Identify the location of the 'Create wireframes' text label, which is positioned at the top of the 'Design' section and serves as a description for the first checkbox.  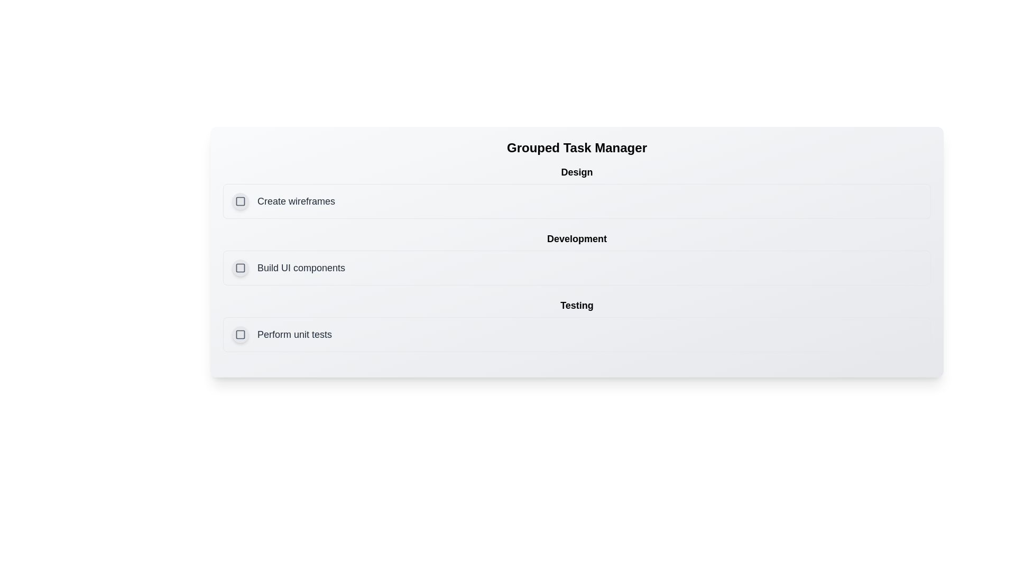
(296, 201).